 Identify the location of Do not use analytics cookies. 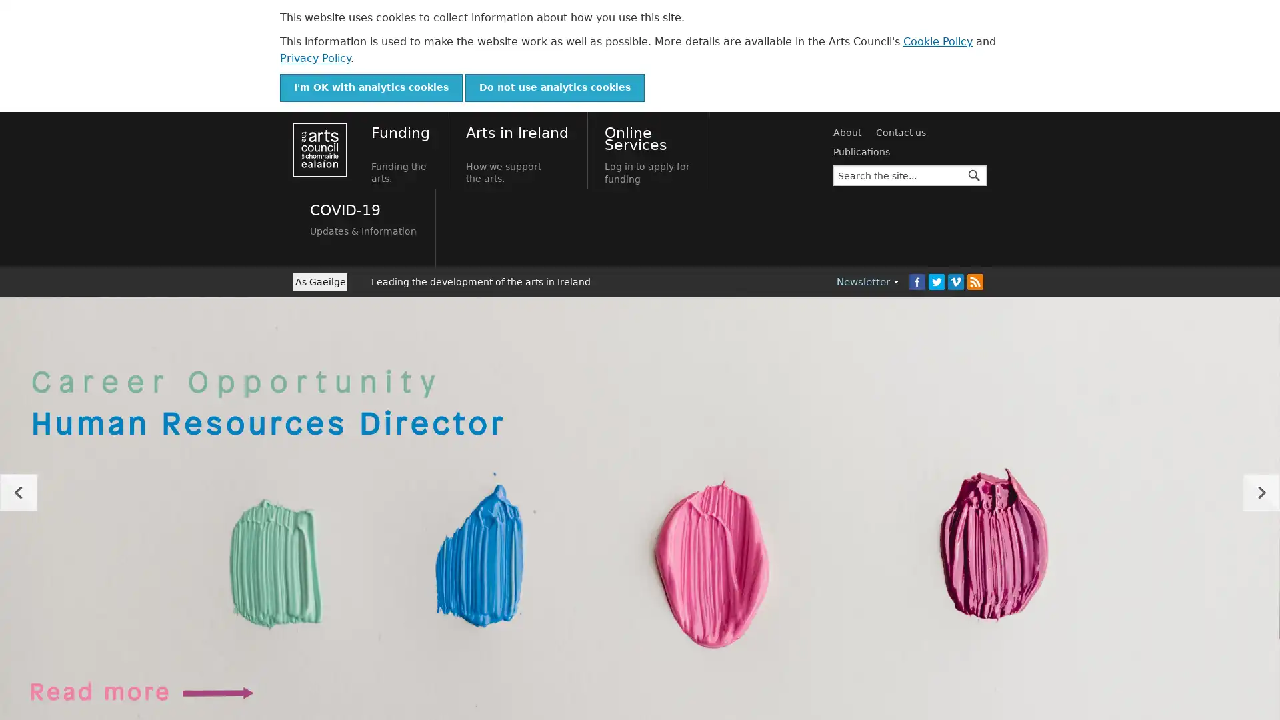
(555, 87).